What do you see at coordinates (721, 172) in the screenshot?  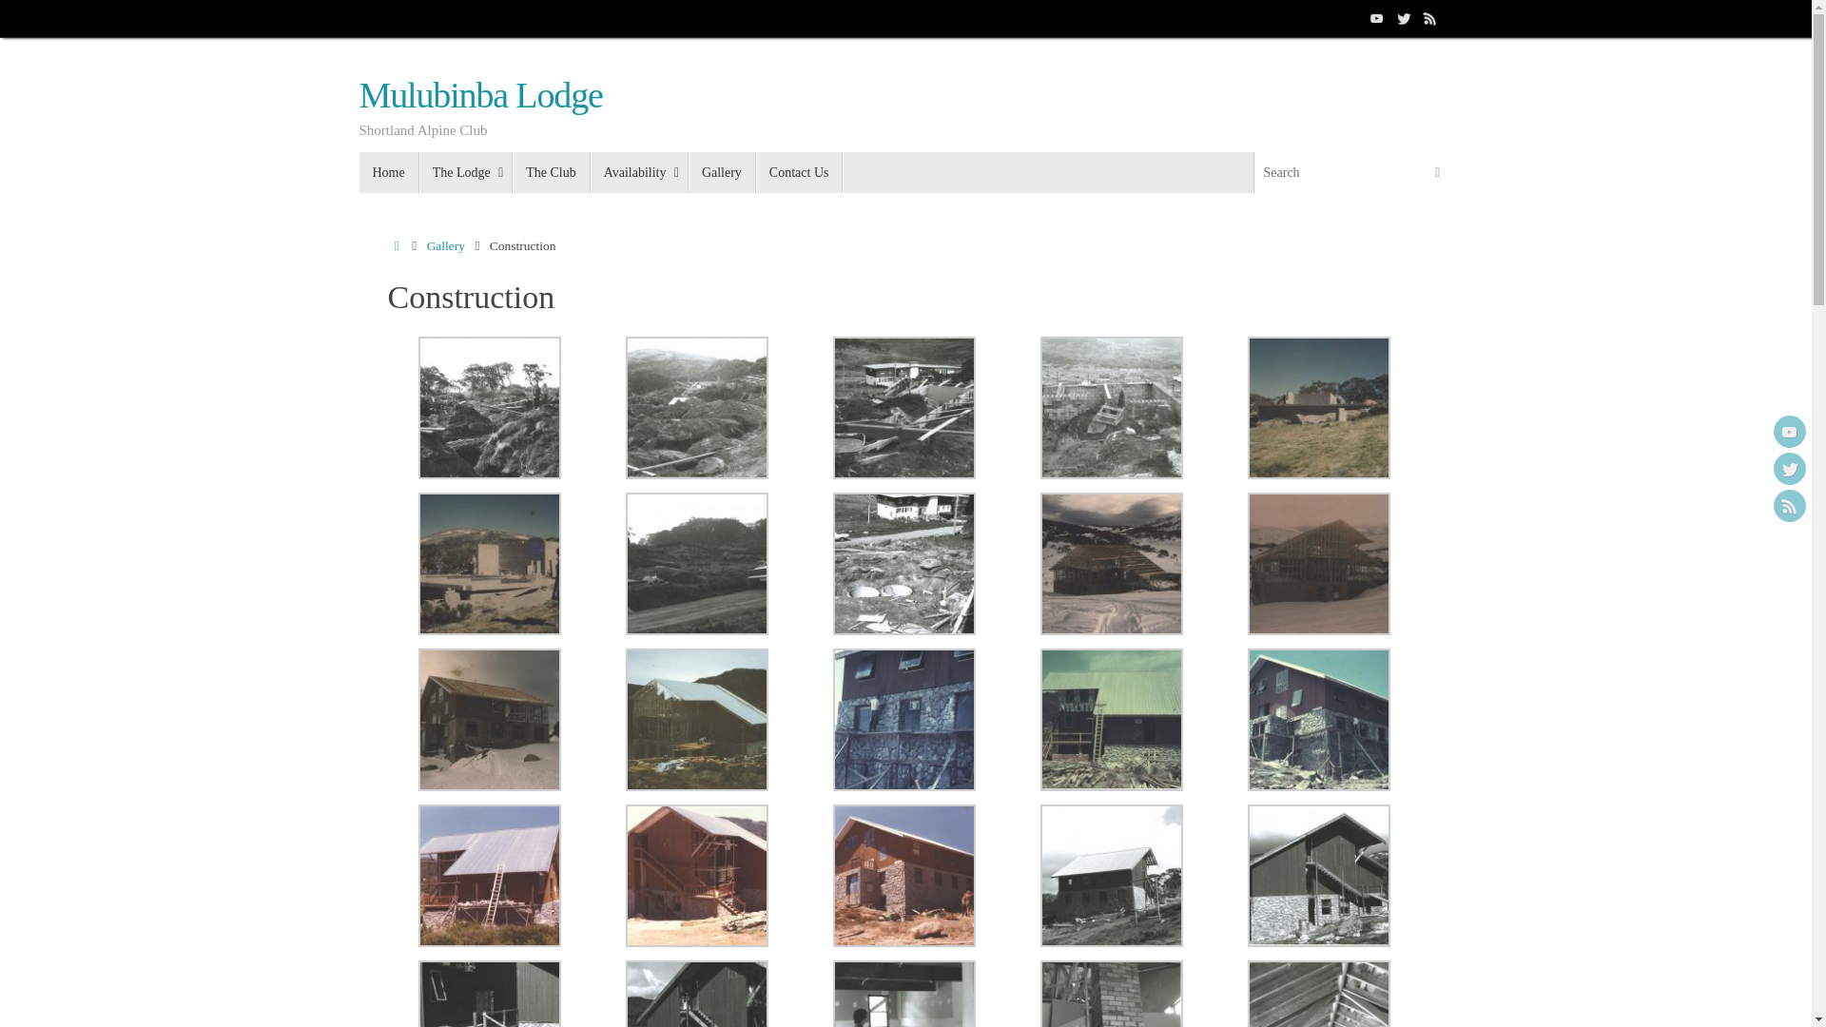 I see `'Gallery'` at bounding box center [721, 172].